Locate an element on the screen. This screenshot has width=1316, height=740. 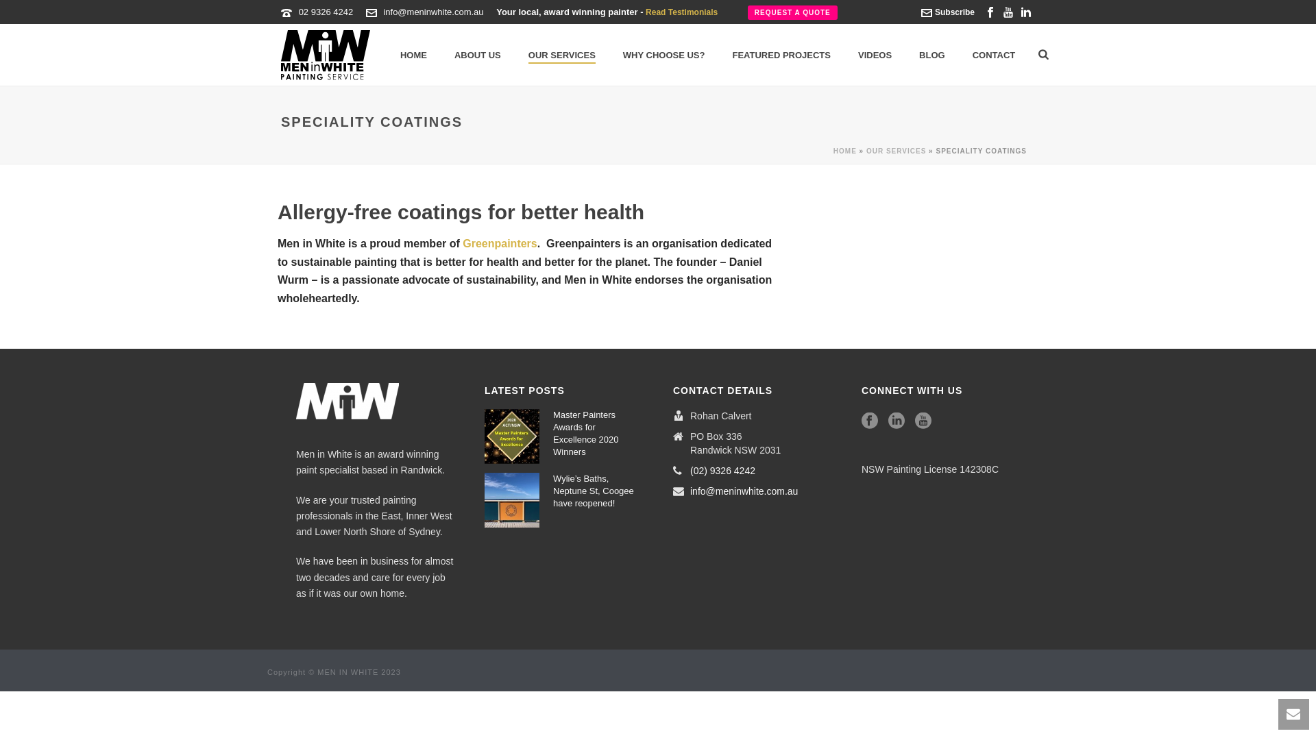
'Follow Us on youtube' is located at coordinates (923, 420).